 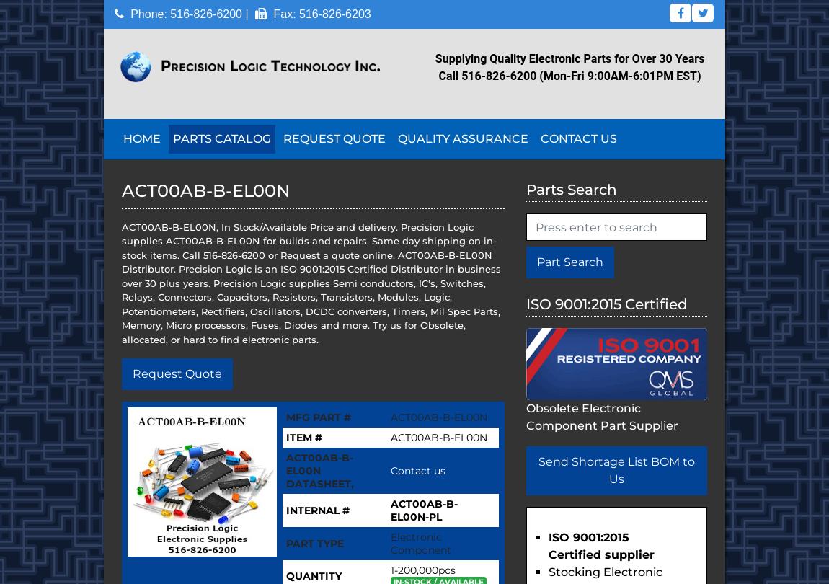 I want to click on 'Quality Assurance', so click(x=461, y=138).